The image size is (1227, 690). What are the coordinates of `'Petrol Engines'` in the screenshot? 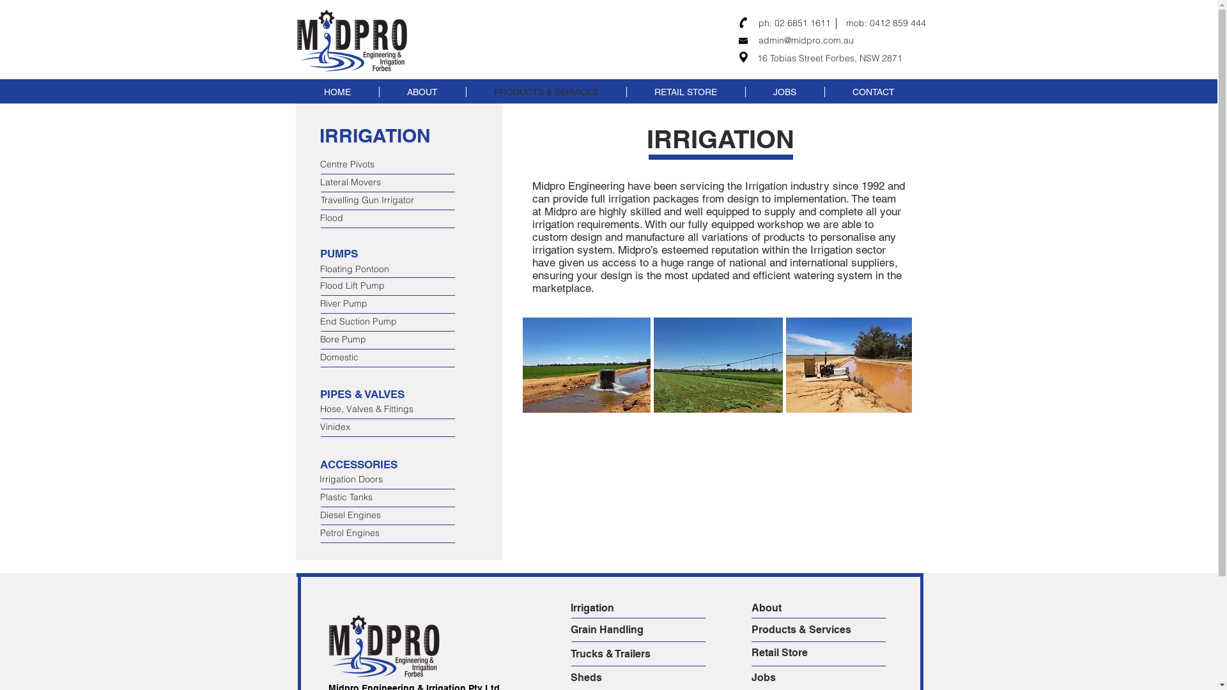 It's located at (364, 533).